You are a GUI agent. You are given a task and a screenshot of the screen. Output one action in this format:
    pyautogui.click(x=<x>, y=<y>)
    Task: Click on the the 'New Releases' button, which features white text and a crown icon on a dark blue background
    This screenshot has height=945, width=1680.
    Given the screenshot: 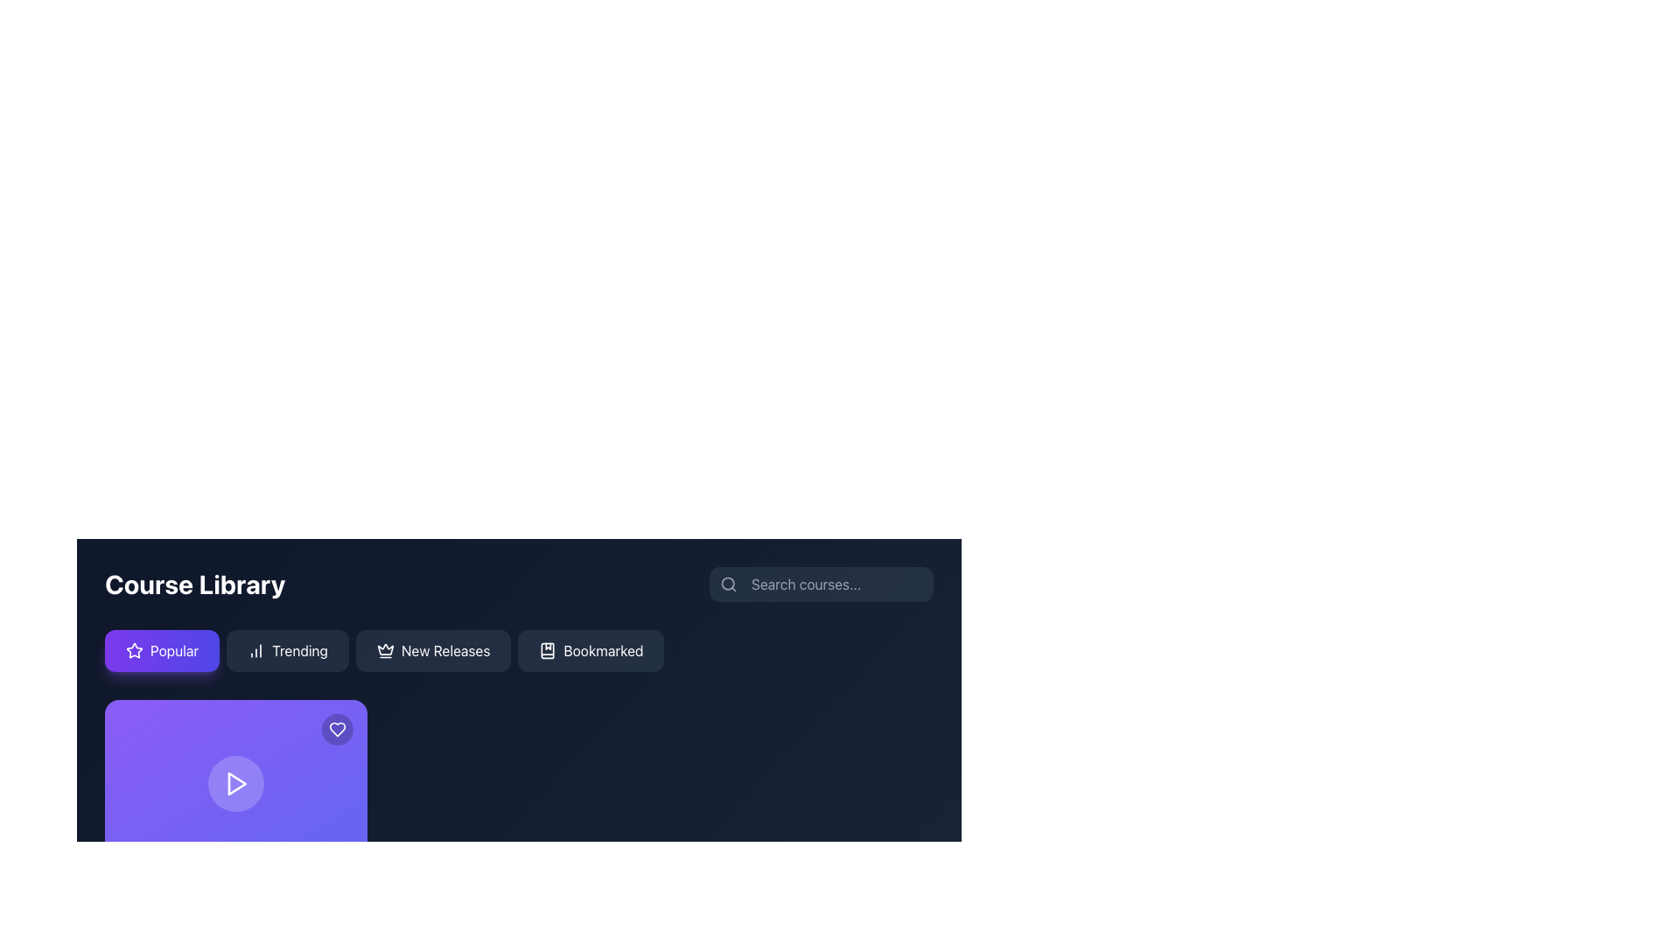 What is the action you would take?
    pyautogui.click(x=433, y=651)
    